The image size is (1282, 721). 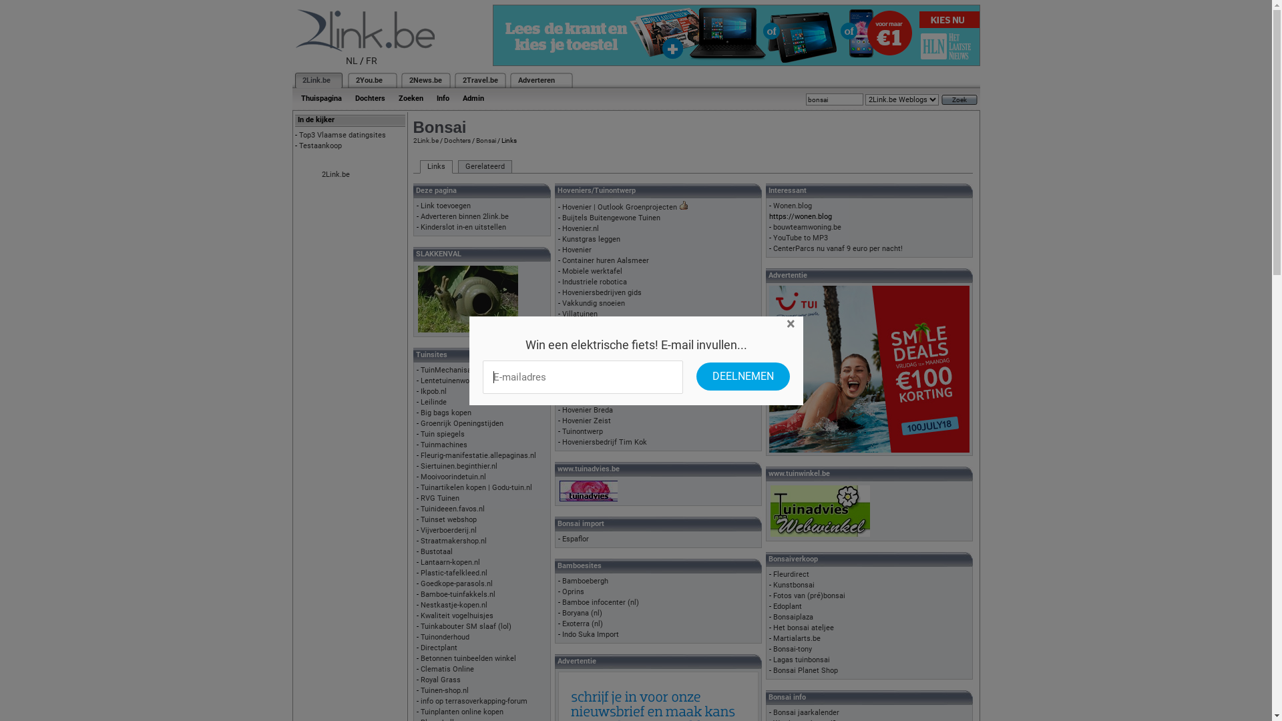 I want to click on 'Tuinkabouter SM slaaf (lol)', so click(x=465, y=626).